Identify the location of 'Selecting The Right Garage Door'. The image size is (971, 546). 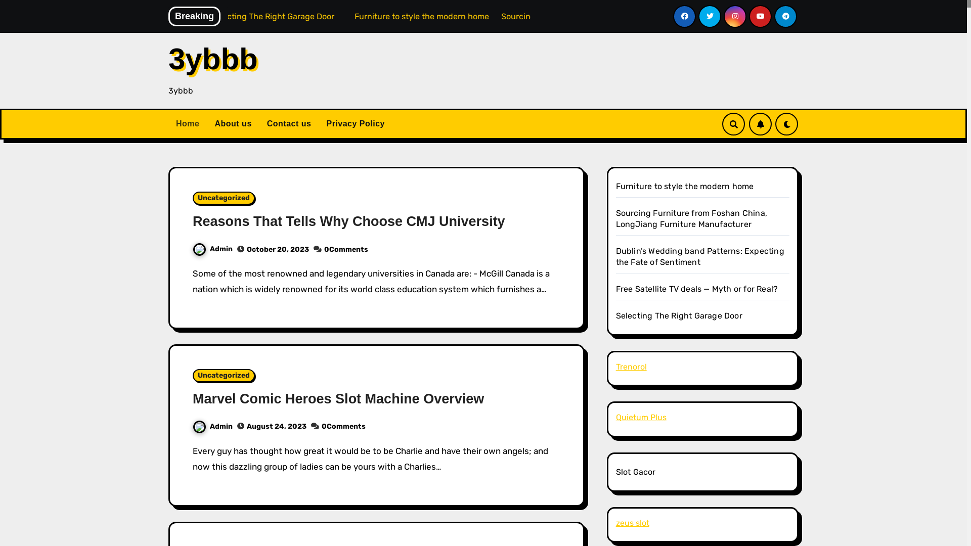
(679, 315).